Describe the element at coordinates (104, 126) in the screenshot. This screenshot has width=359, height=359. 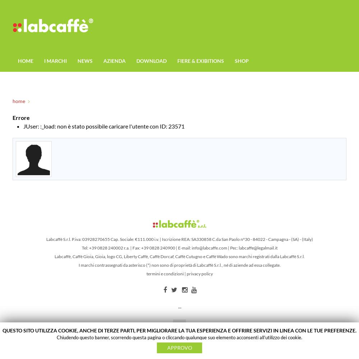
I see `'JUser: :_load: non è stato possibile caricare l'utente con ID: 23571'` at that location.